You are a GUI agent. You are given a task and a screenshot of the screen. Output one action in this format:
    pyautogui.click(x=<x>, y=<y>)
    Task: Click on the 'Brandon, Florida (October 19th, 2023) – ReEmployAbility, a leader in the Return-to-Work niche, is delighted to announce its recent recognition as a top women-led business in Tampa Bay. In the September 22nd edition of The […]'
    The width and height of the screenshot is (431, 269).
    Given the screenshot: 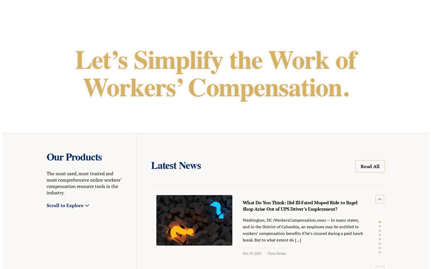 What is the action you would take?
    pyautogui.click(x=98, y=83)
    